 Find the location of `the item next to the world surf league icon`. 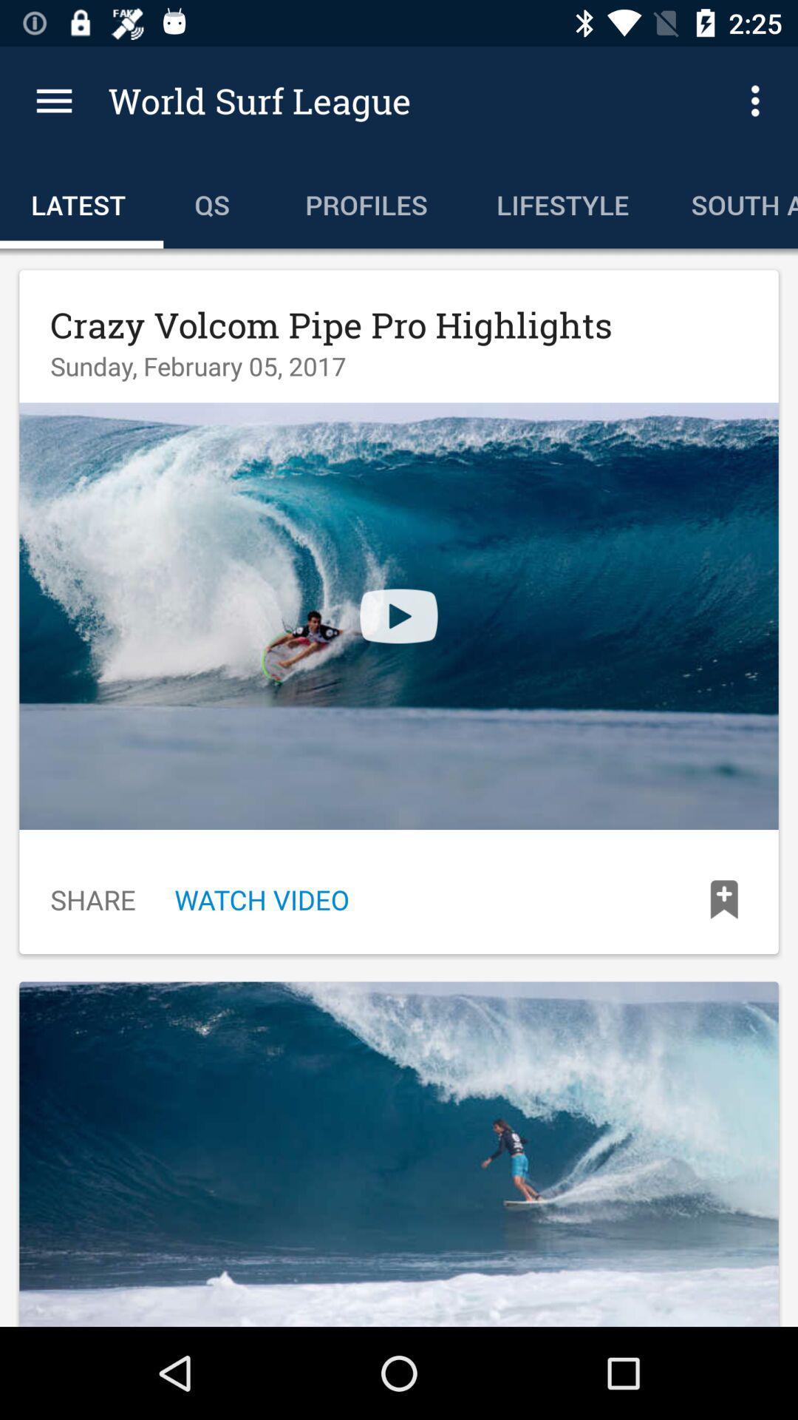

the item next to the world surf league icon is located at coordinates (53, 100).